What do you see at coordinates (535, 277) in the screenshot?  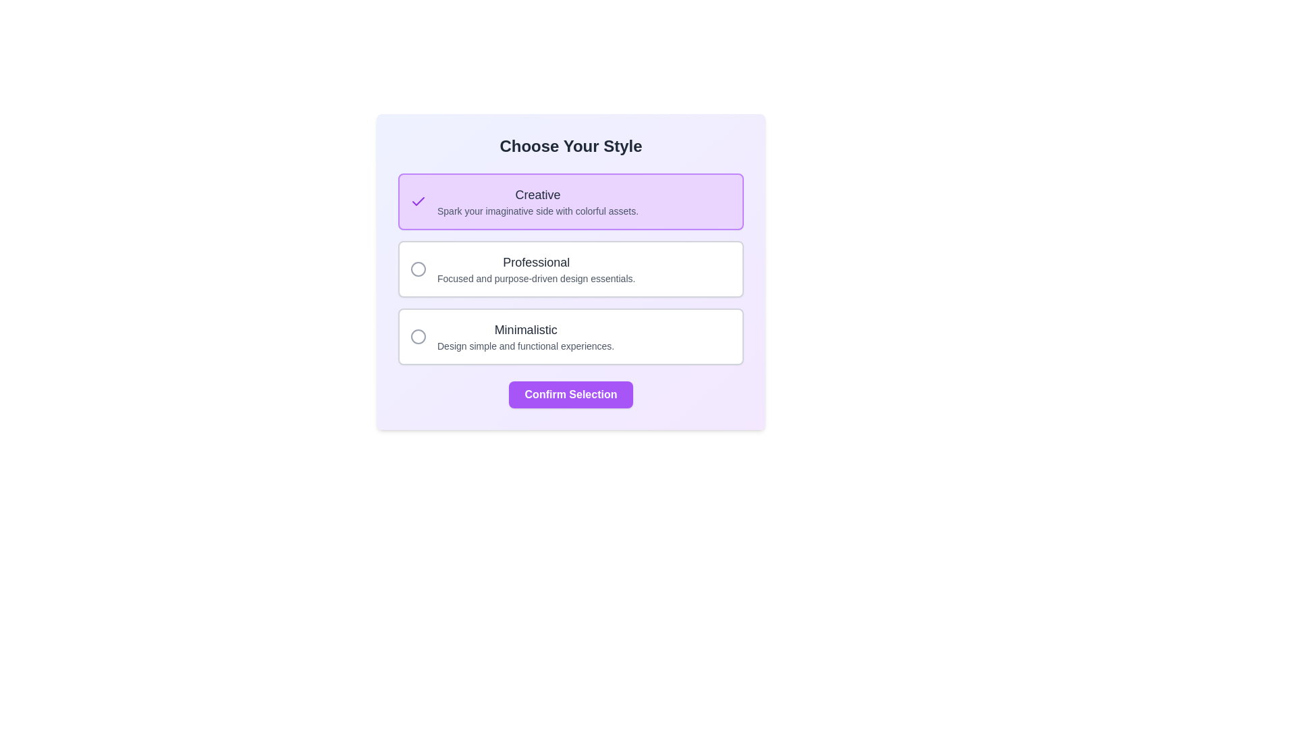 I see `the informational text providing details for the 'Professional' style option, located below the 'Creative' option in the vertical list of selectable styles` at bounding box center [535, 277].